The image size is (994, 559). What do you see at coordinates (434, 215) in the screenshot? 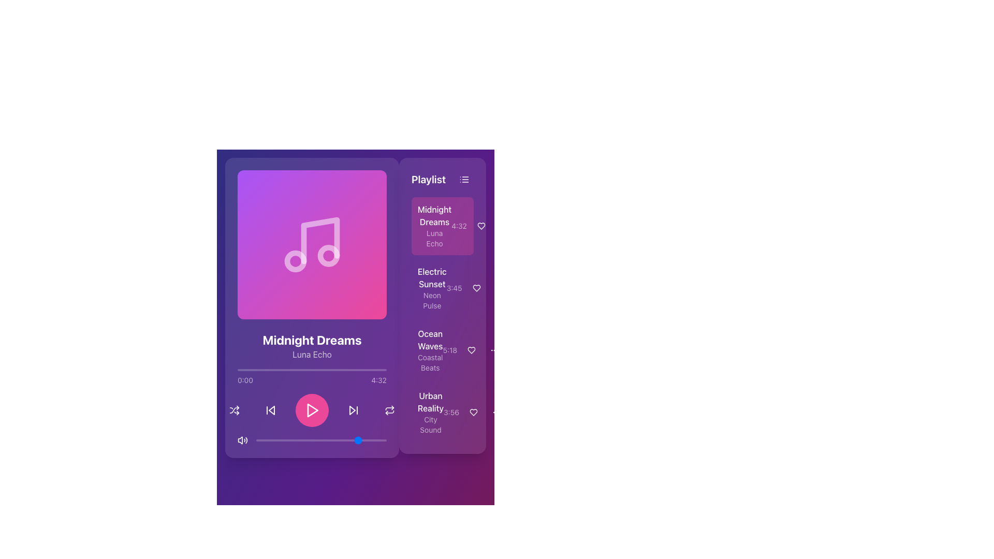
I see `the Static Text element that serves as the title of the current playlist entry, displaying the name of the song in the 'Midnight Dreams - Luna Echo' playlist` at bounding box center [434, 215].